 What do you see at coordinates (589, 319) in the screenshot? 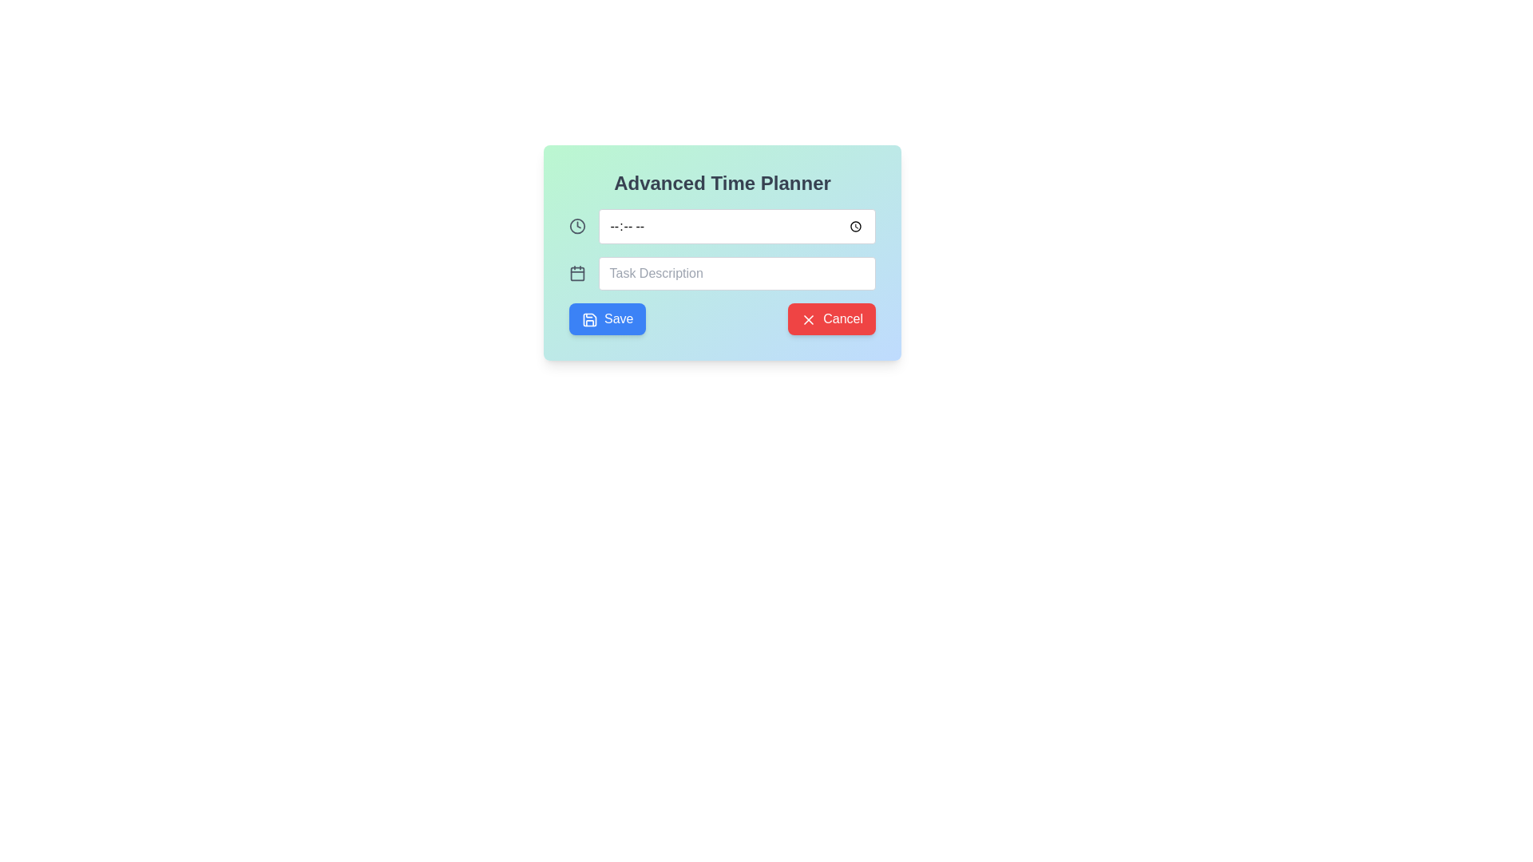
I see `the 'Save' button which includes the icon representing the 'Save' action, located at the lower-left of the interactive card interface` at bounding box center [589, 319].